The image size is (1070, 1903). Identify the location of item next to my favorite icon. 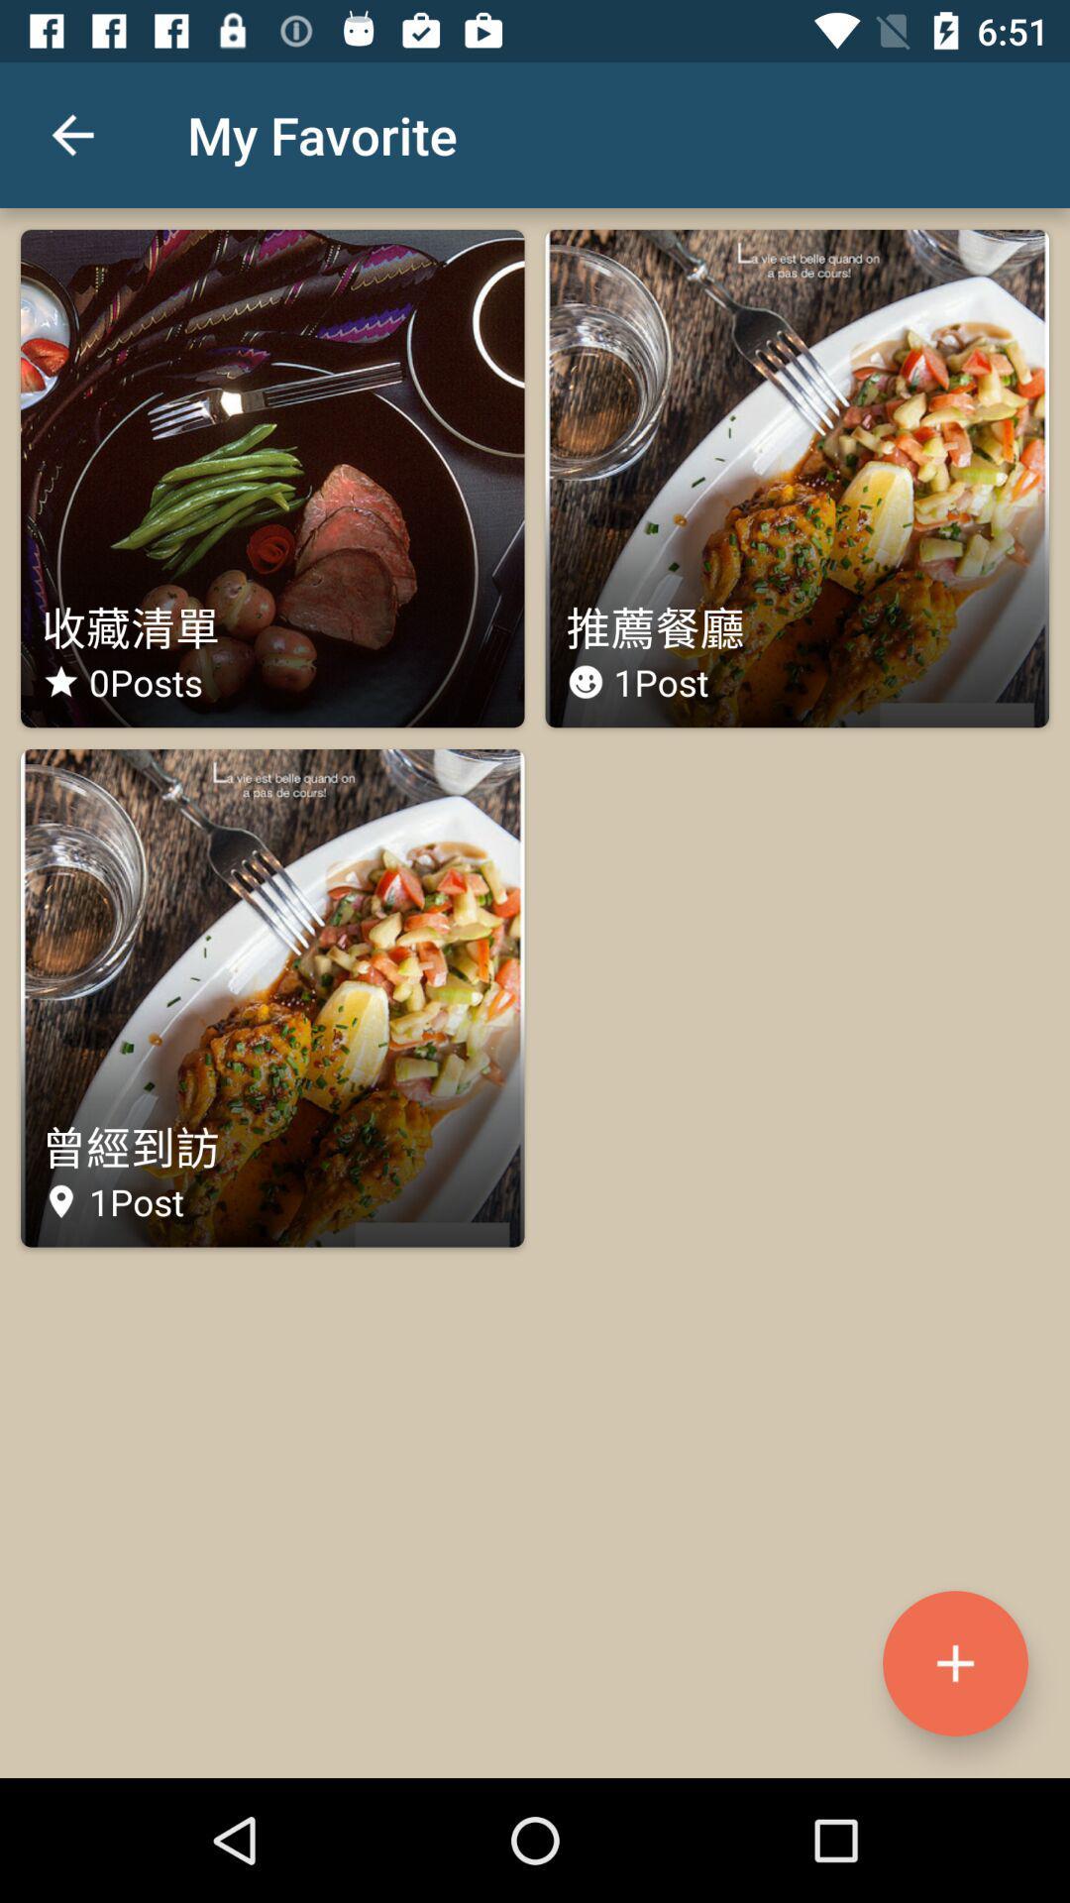
(71, 134).